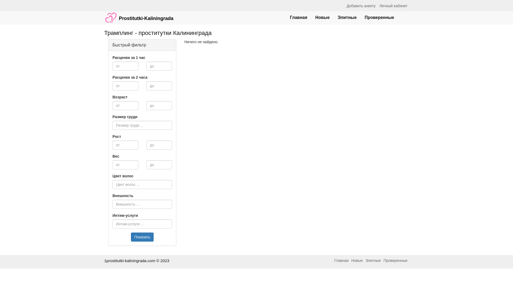 This screenshot has width=513, height=288. What do you see at coordinates (139, 15) in the screenshot?
I see `'Prostitutki-Kaliningrada'` at bounding box center [139, 15].